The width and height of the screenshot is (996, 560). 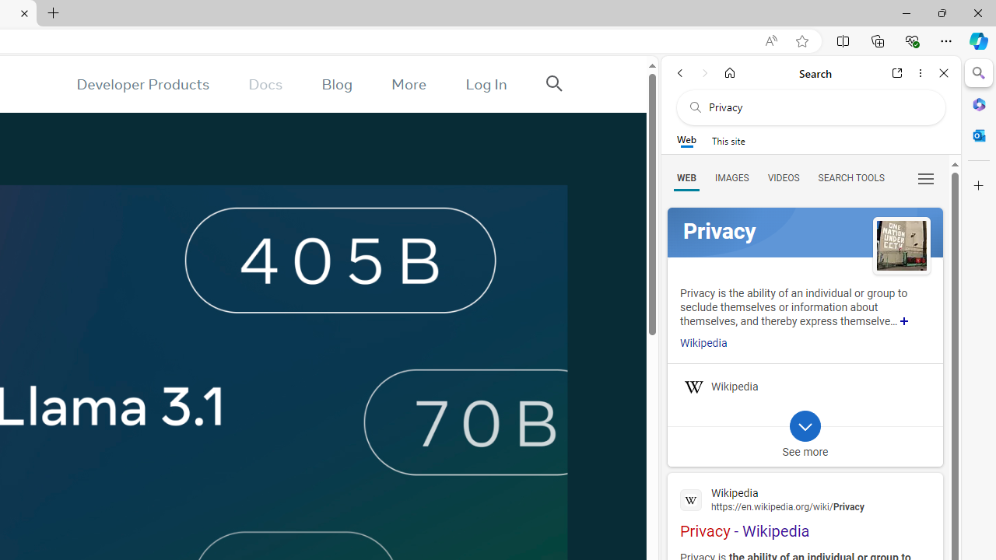 I want to click on 'Preferences', so click(x=925, y=177).